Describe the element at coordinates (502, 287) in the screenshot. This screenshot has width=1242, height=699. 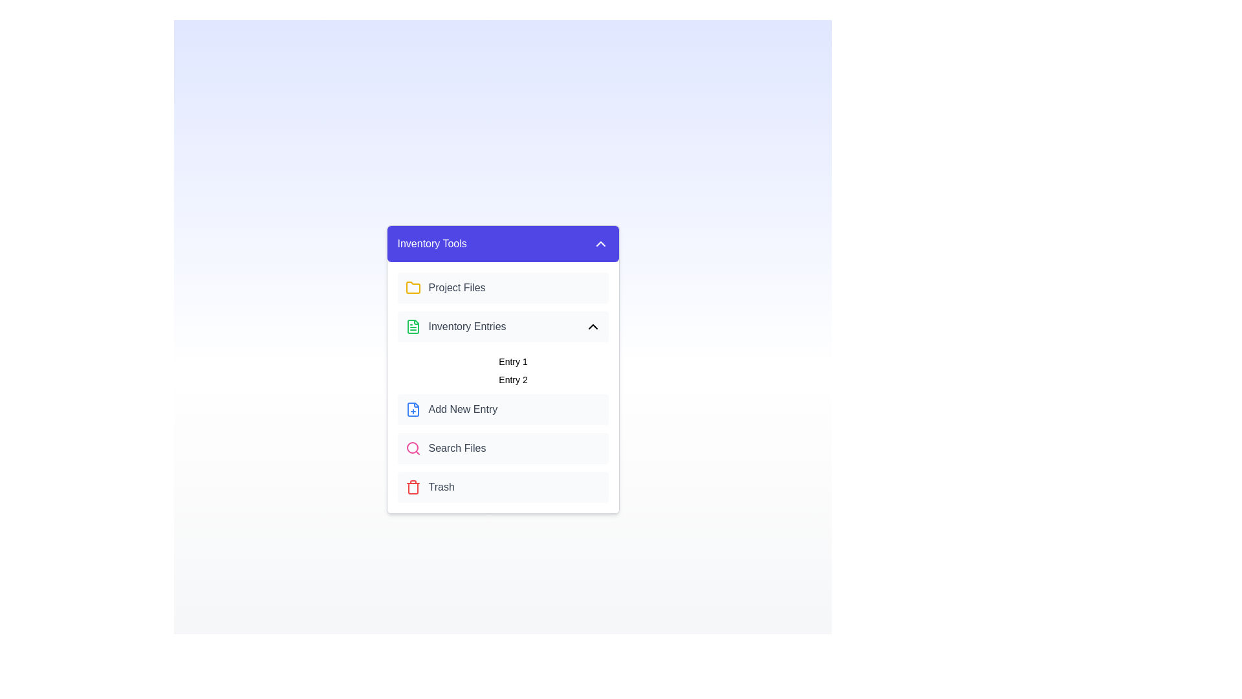
I see `the 'Project Files' button, which is the first item in the 'Inventory Tools' panel, to trigger the tooltip or highlight effect` at that location.